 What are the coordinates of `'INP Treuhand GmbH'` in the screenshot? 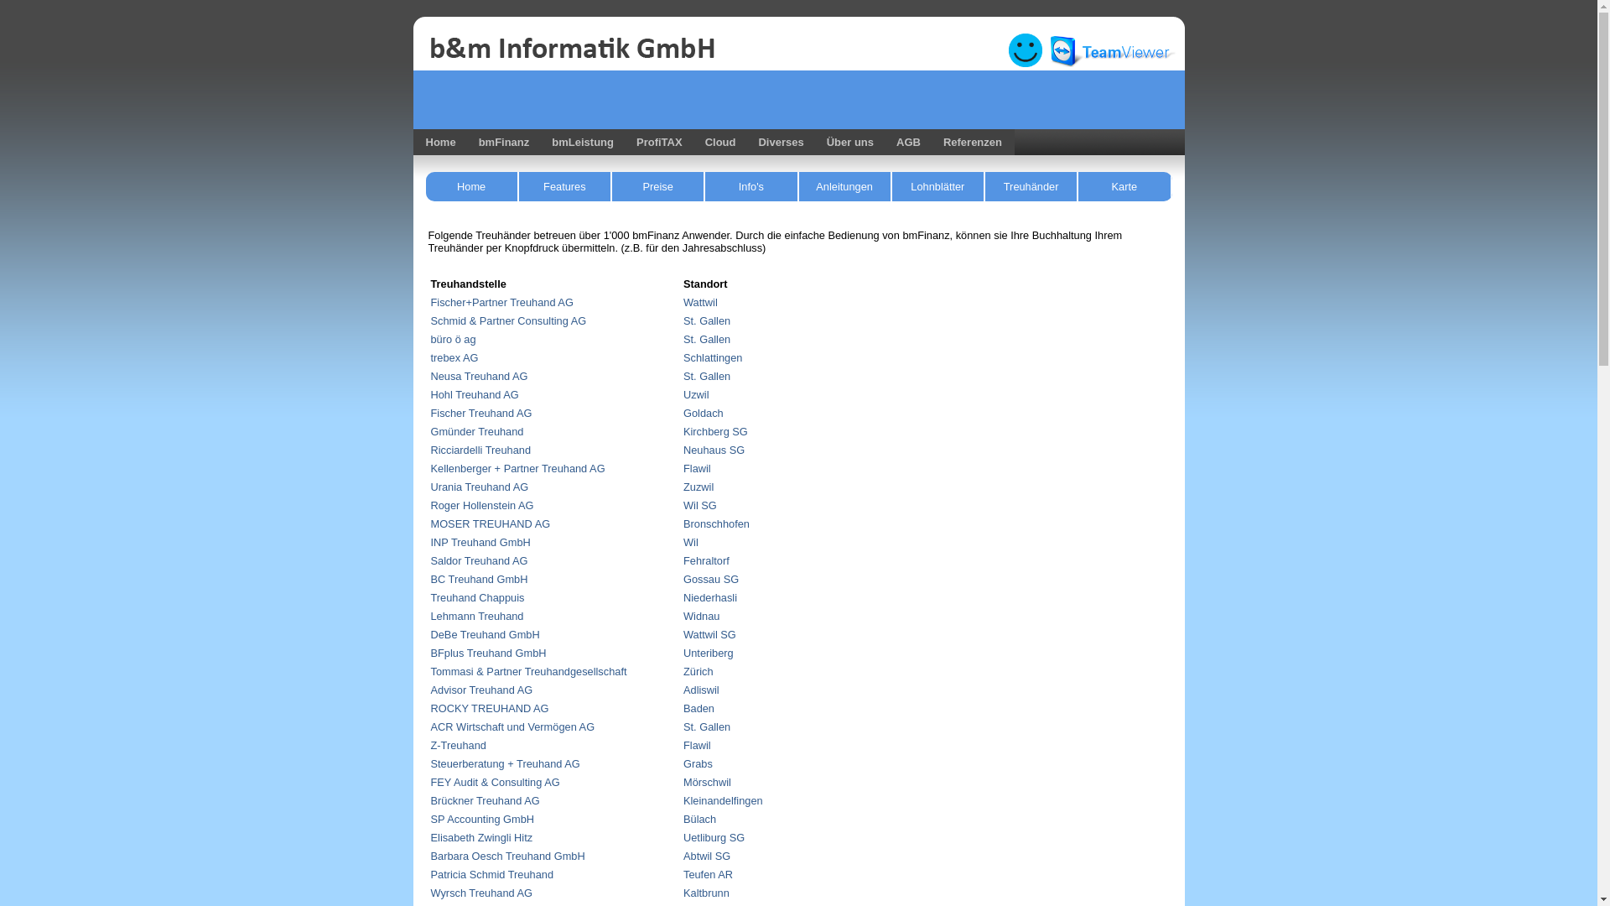 It's located at (480, 542).